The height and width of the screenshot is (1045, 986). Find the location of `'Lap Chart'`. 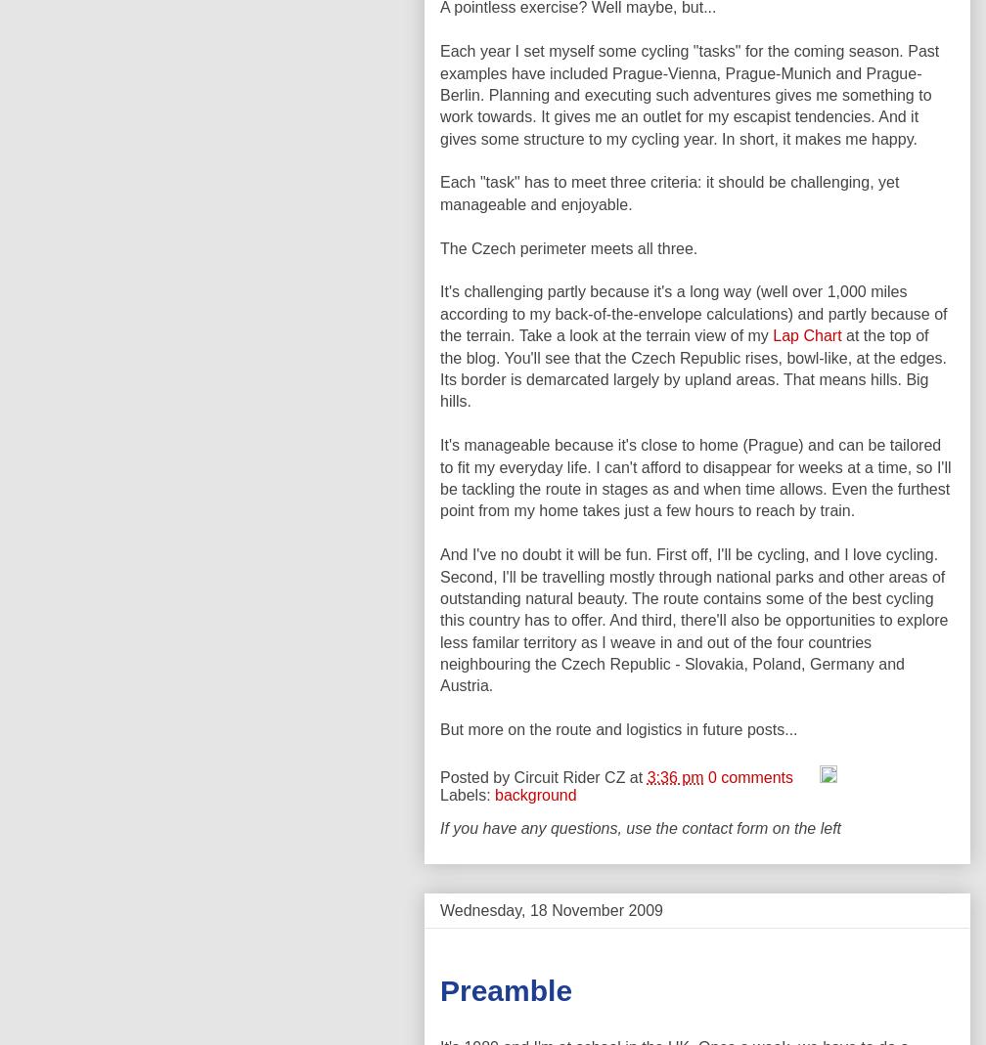

'Lap Chart' is located at coordinates (807, 335).